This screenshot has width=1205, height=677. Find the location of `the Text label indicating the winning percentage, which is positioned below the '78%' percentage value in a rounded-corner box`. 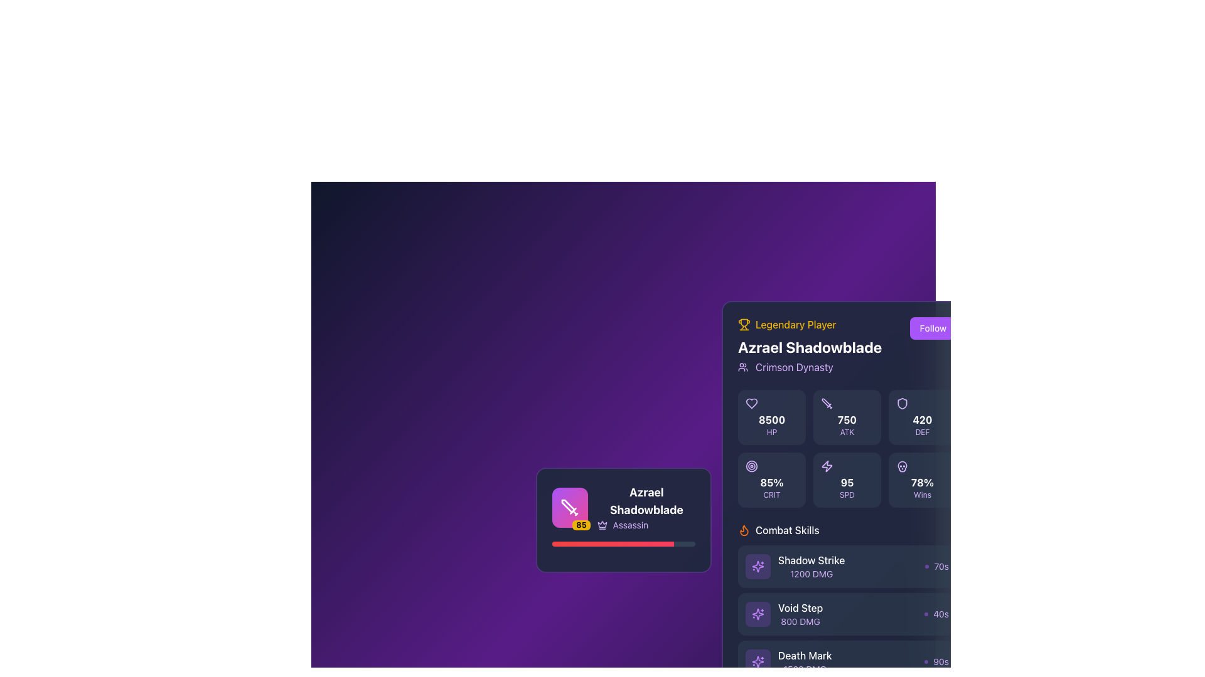

the Text label indicating the winning percentage, which is positioned below the '78%' percentage value in a rounded-corner box is located at coordinates (922, 495).